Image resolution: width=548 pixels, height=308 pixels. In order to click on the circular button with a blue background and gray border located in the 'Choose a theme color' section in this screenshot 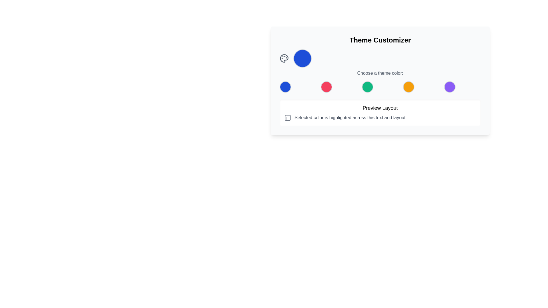, I will do `click(285, 87)`.